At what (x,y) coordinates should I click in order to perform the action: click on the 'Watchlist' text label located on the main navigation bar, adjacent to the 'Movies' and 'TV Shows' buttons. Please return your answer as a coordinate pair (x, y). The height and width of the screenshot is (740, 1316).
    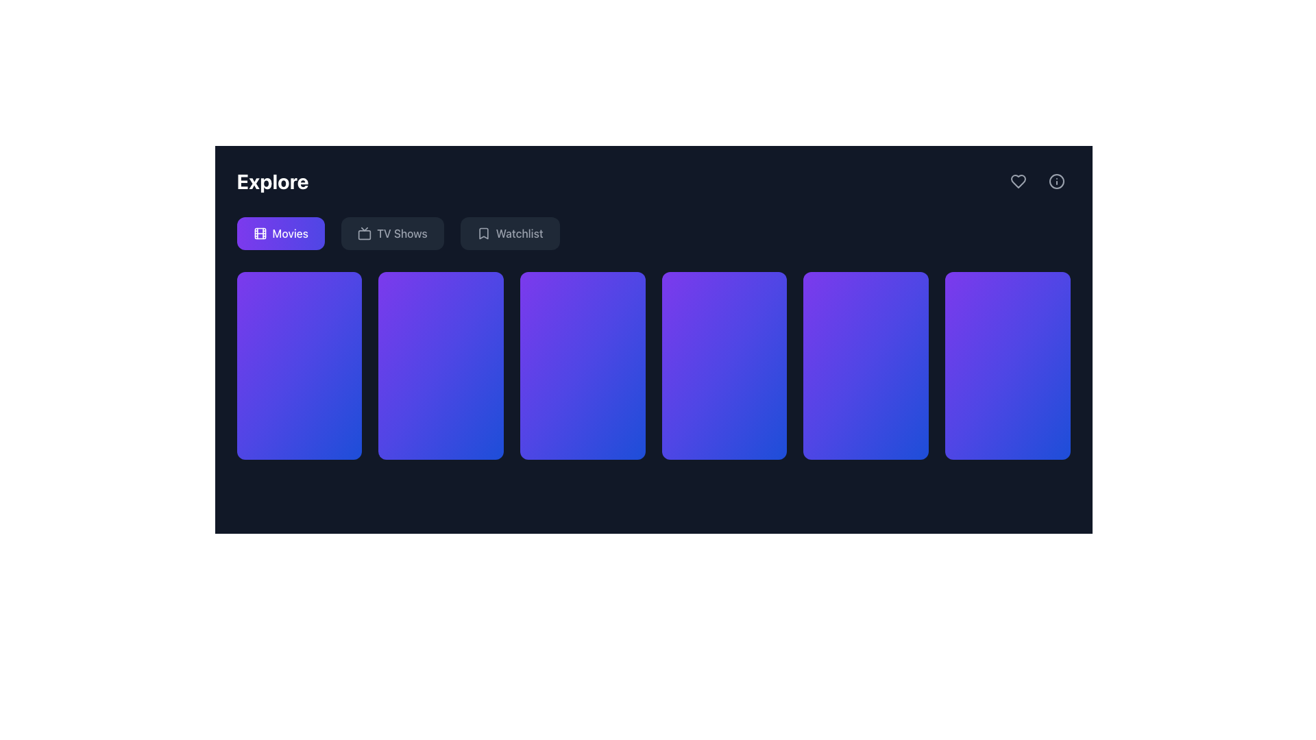
    Looking at the image, I should click on (519, 232).